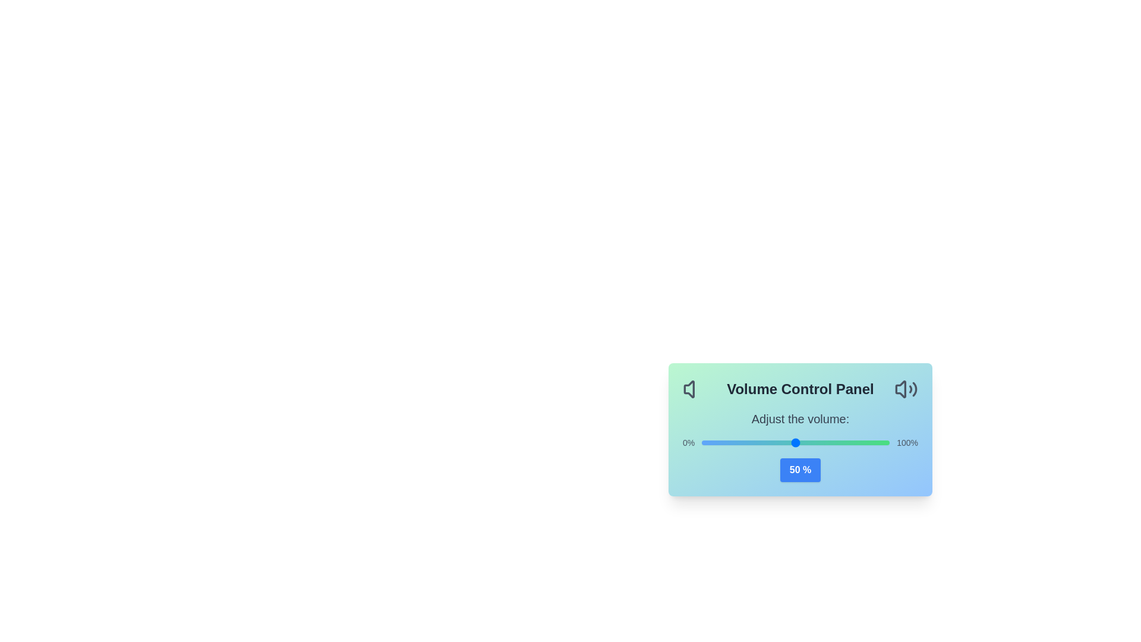 This screenshot has width=1141, height=642. What do you see at coordinates (840, 442) in the screenshot?
I see `the volume slider to 74%` at bounding box center [840, 442].